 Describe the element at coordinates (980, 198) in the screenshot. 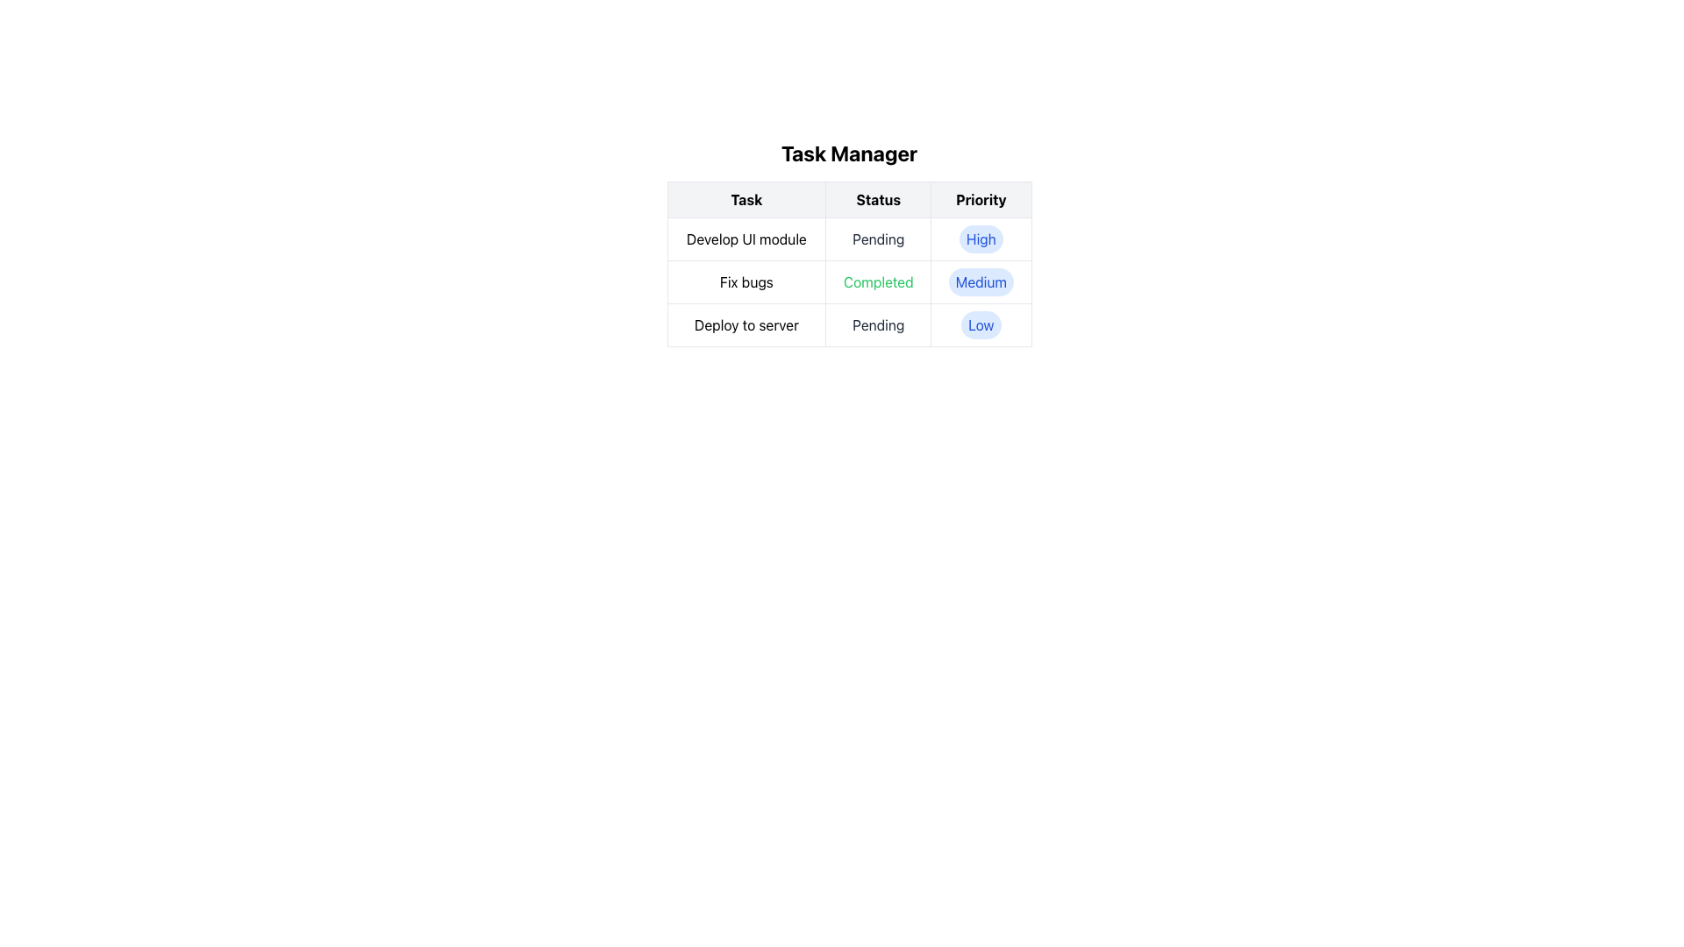

I see `the 'Priority' text label, which is the third column header in a table, displaying bold black text on a light gray background` at that location.